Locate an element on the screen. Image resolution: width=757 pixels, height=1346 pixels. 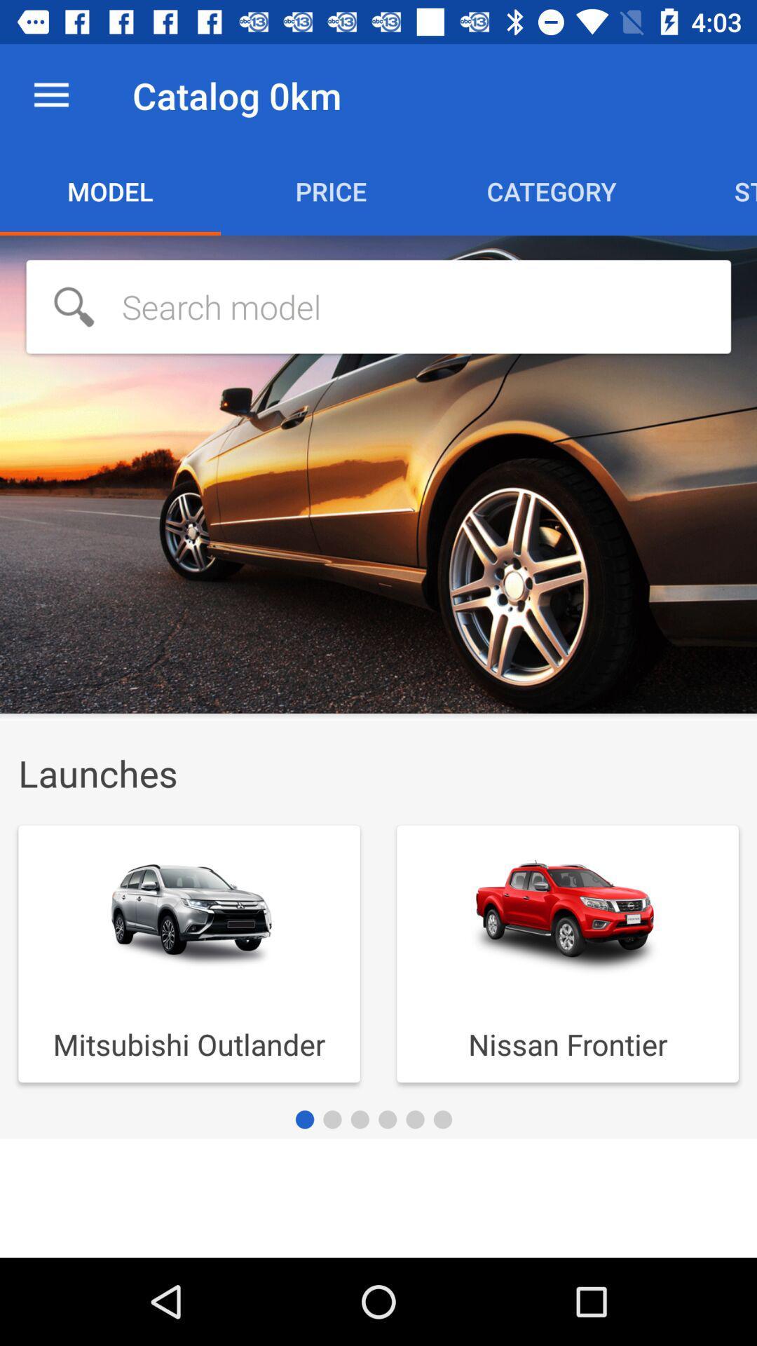
the item below model is located at coordinates (378, 306).